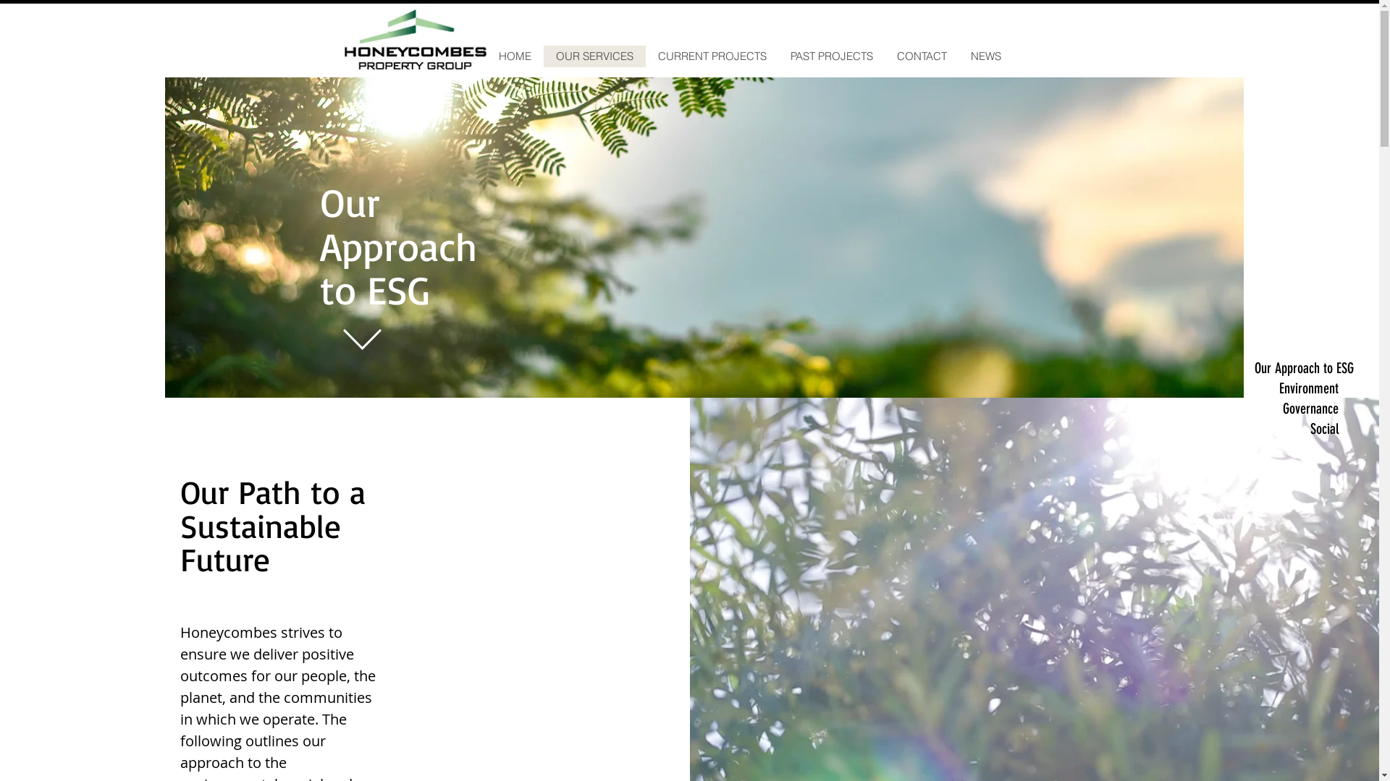 The width and height of the screenshot is (1390, 781). What do you see at coordinates (594, 55) in the screenshot?
I see `'OUR SERVICES'` at bounding box center [594, 55].